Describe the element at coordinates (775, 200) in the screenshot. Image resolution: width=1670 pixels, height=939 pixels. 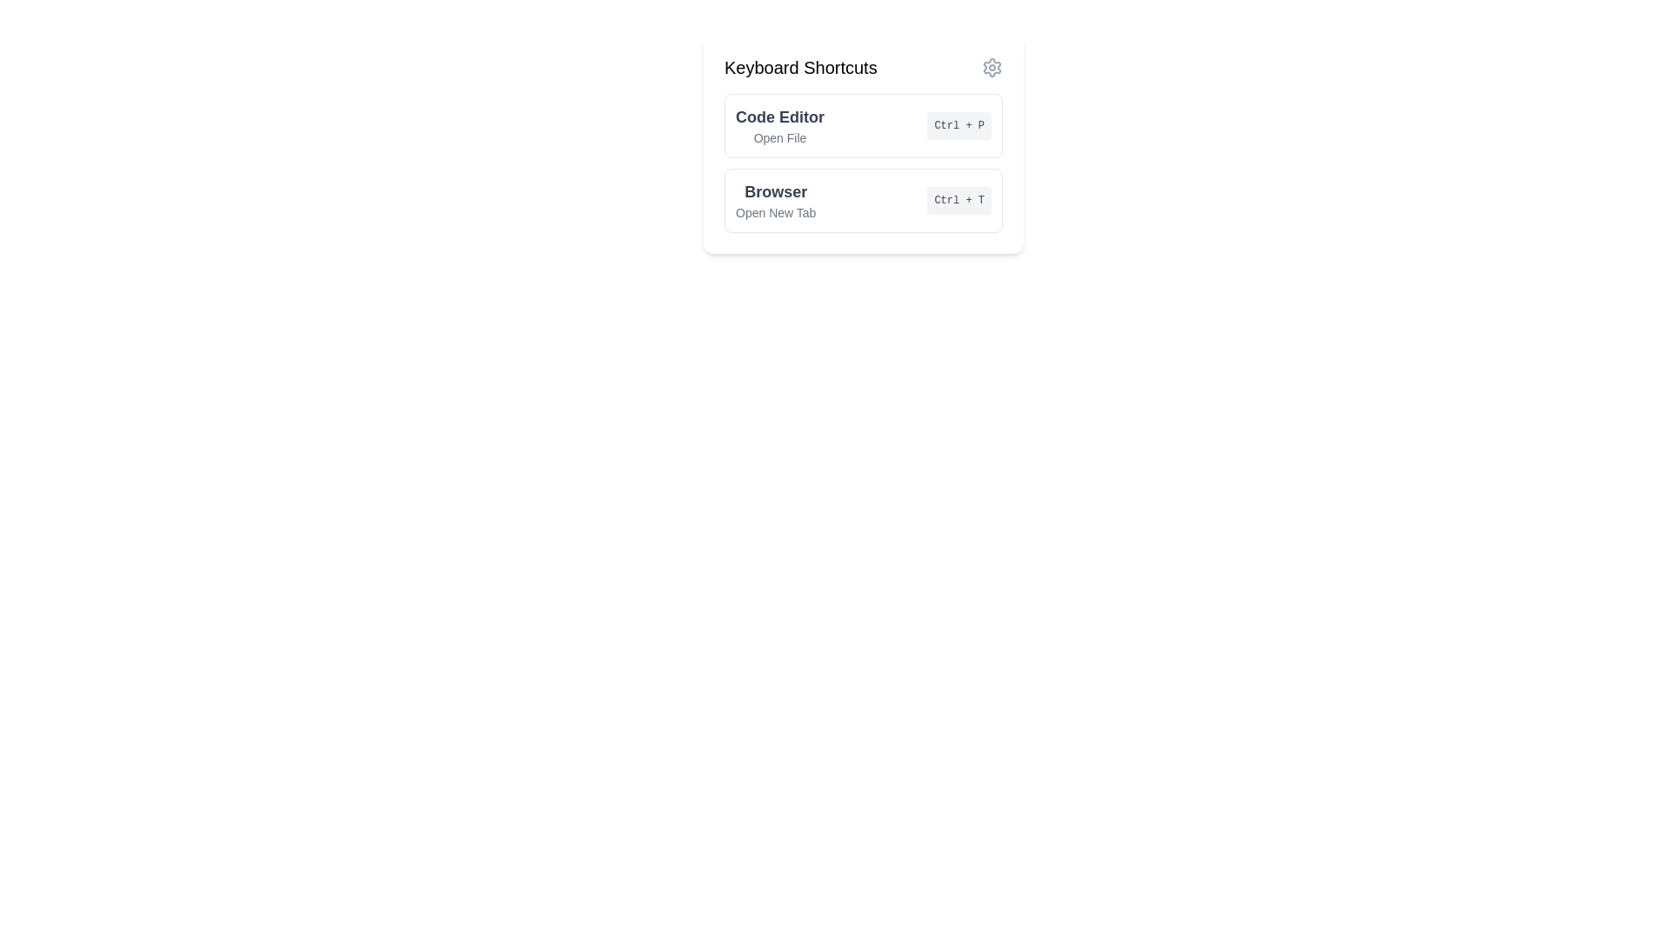
I see `text from the Text block that describes the keyboard shortcut for opening a new browser tab, which is located in the Keyboard Shortcuts section near the 'Ctrl + T' key` at that location.